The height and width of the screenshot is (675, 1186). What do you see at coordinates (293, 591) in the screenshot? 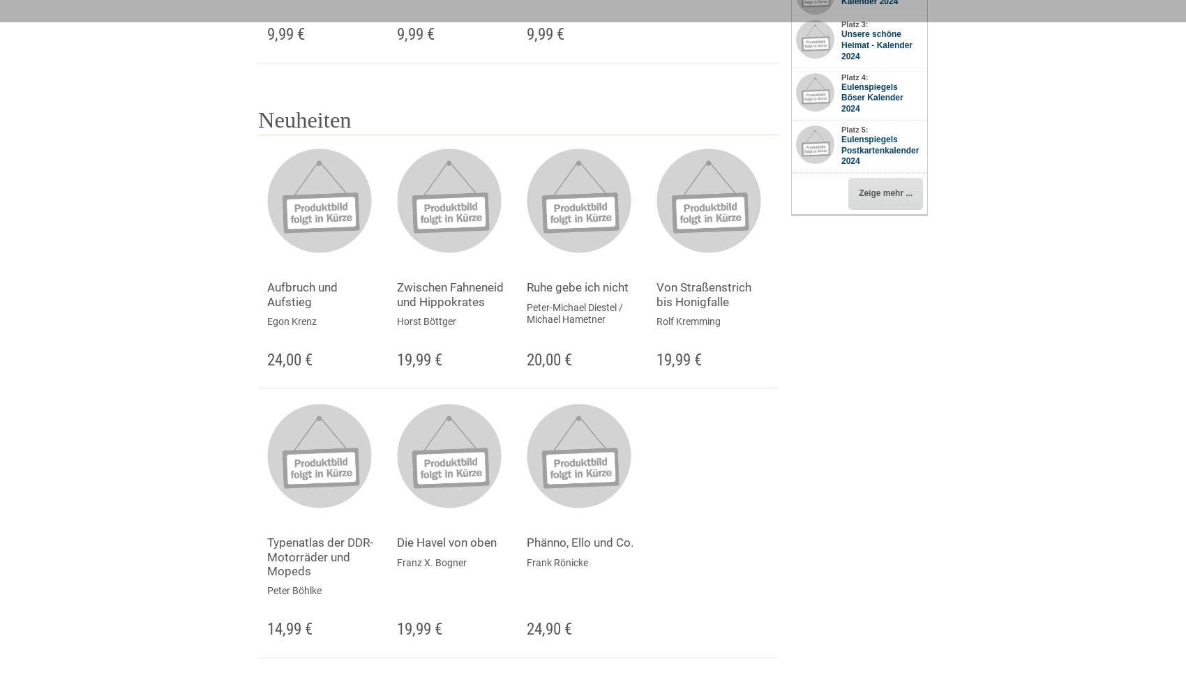
I see `'Peter Böhlke'` at bounding box center [293, 591].